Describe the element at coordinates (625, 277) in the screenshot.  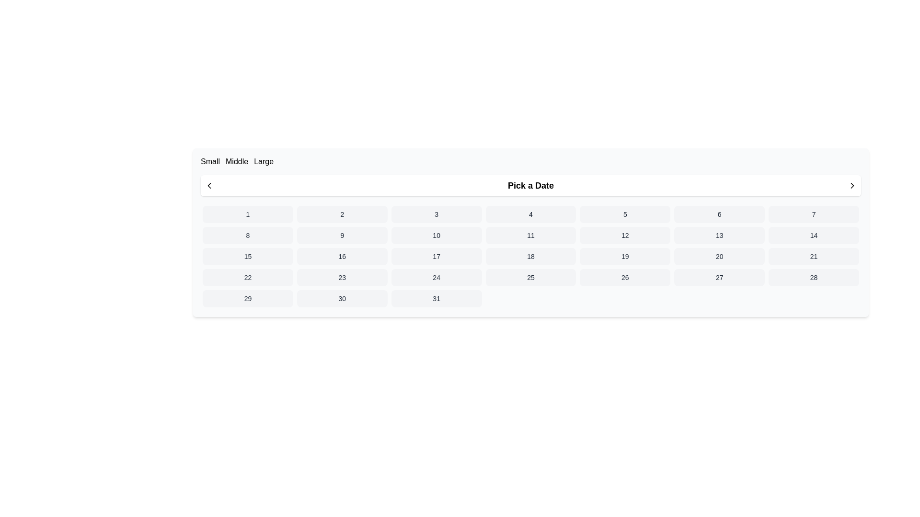
I see `the button representing the 26th day in the calendar interface, located in the sixth column and fourth row of the grid, to change its visual appearance` at that location.